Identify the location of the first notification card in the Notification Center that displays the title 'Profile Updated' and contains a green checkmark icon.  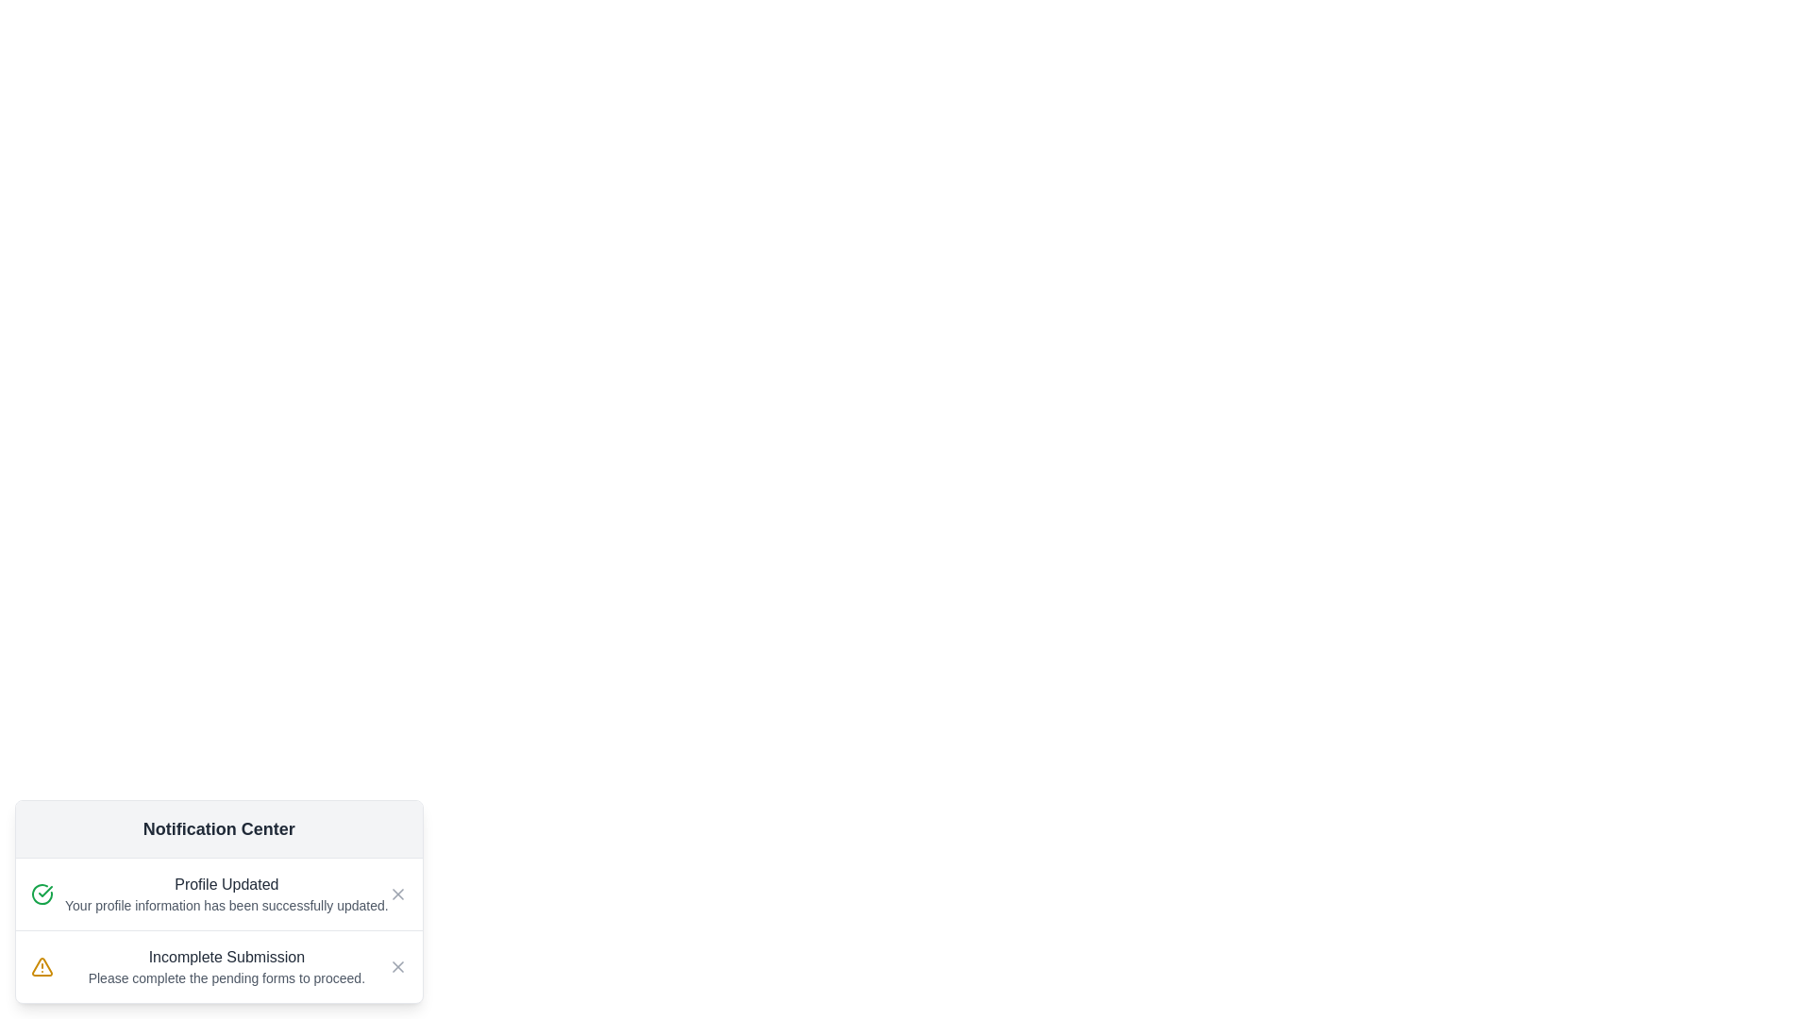
(219, 894).